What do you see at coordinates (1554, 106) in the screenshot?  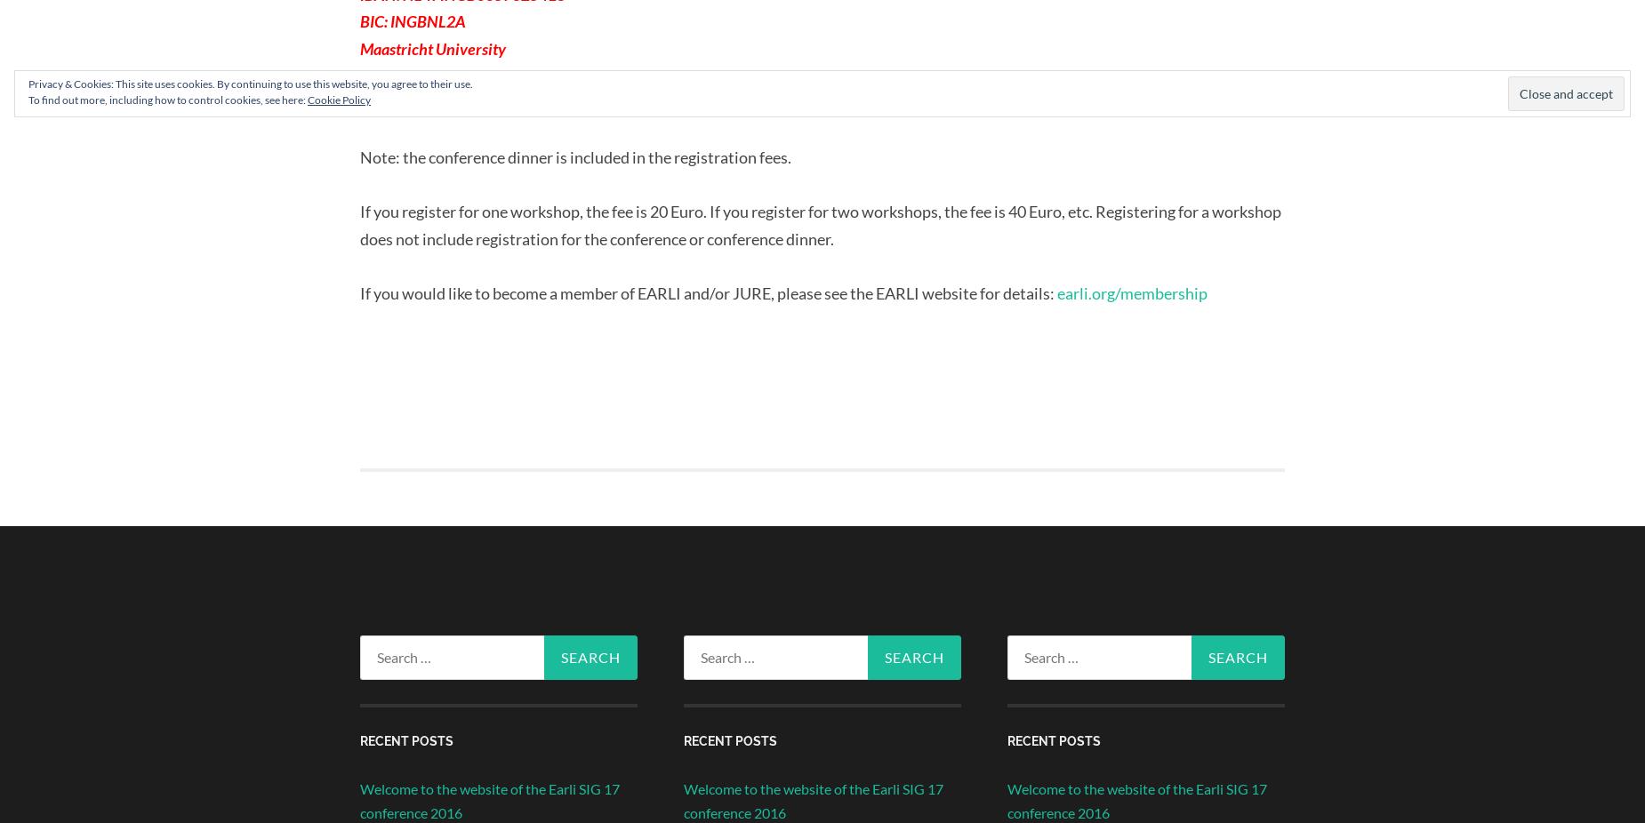 I see `'Follow'` at bounding box center [1554, 106].